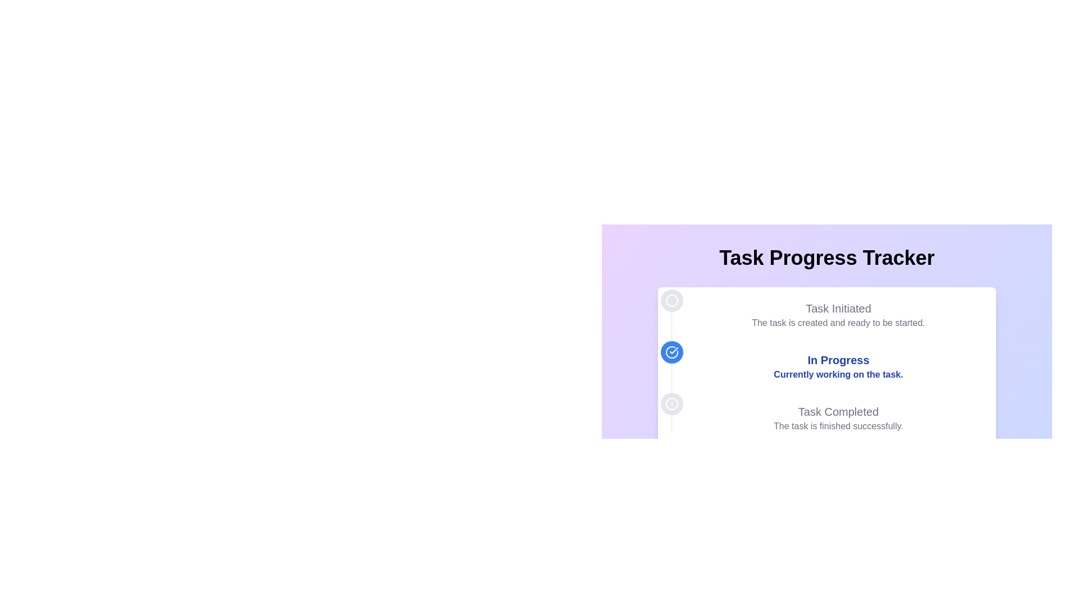  Describe the element at coordinates (672, 300) in the screenshot. I see `the topmost circle of the vertical row of three progress markers on the left side of the progress tracker interface, which indicates progress or an active state` at that location.